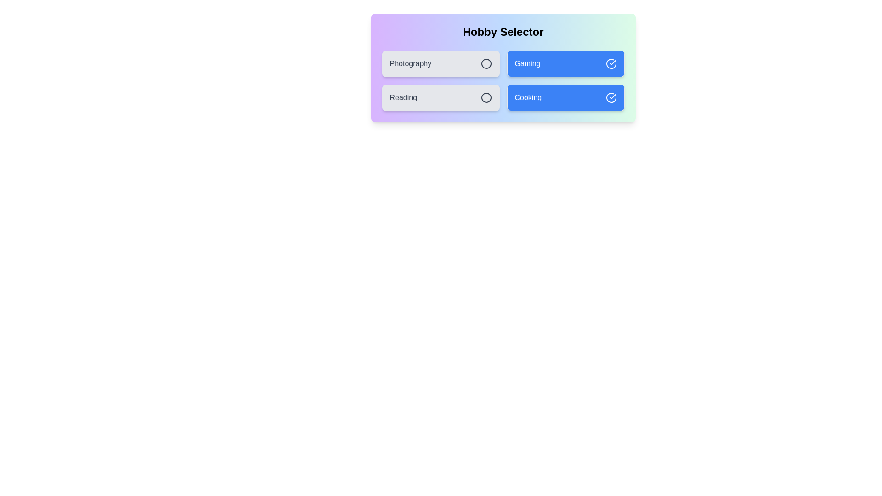  Describe the element at coordinates (565, 97) in the screenshot. I see `the item labeled Cooking to observe the visual effect` at that location.